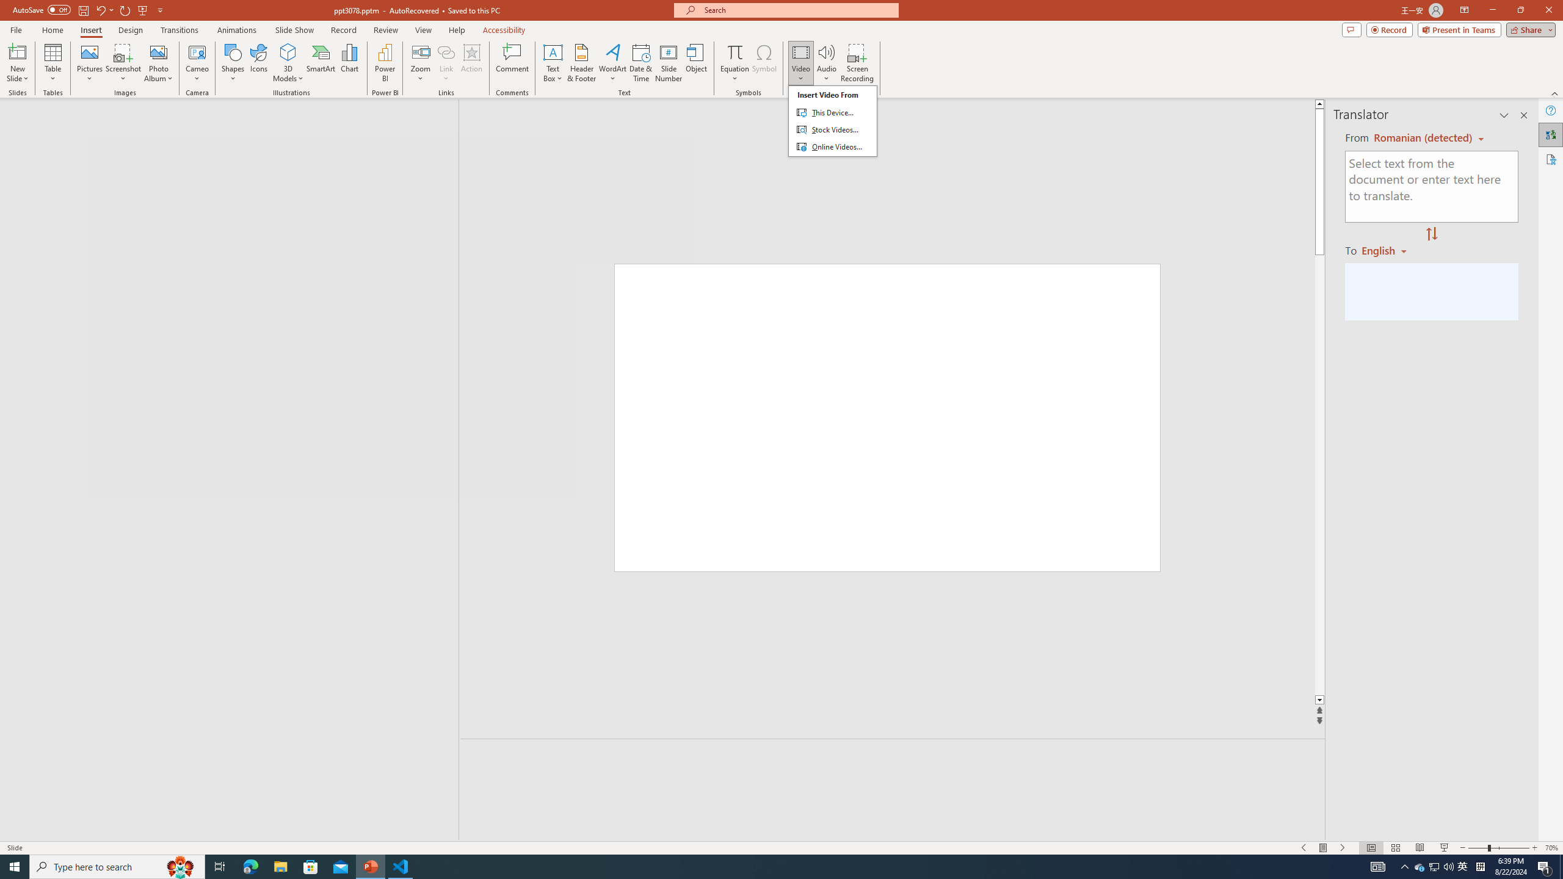  What do you see at coordinates (385, 63) in the screenshot?
I see `'Power BI'` at bounding box center [385, 63].